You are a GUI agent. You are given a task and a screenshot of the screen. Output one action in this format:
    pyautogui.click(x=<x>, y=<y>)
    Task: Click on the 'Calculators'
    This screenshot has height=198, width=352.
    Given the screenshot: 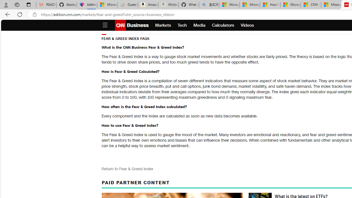 What is the action you would take?
    pyautogui.click(x=223, y=25)
    